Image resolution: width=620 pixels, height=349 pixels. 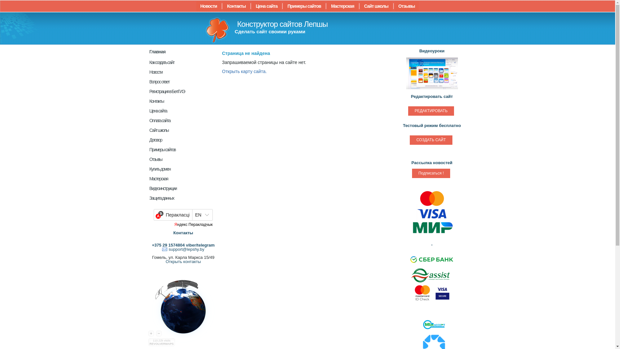 What do you see at coordinates (182, 245) in the screenshot?
I see `'+375 29 1574804 viber/telegram'` at bounding box center [182, 245].